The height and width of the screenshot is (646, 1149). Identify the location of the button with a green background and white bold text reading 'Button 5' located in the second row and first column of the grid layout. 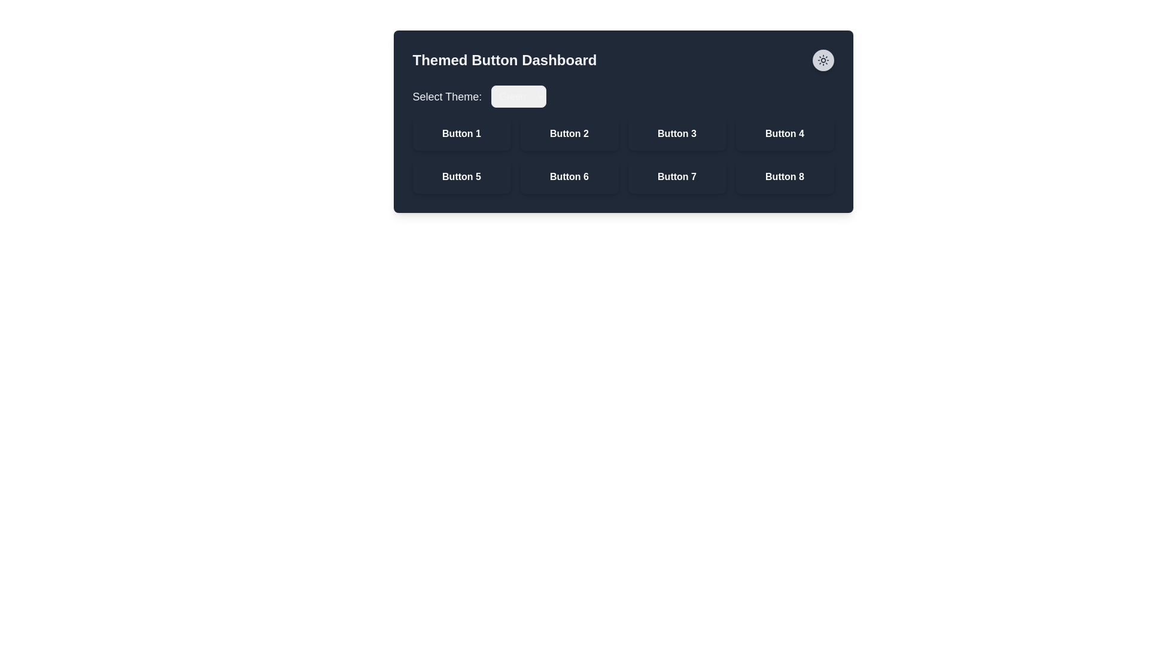
(461, 177).